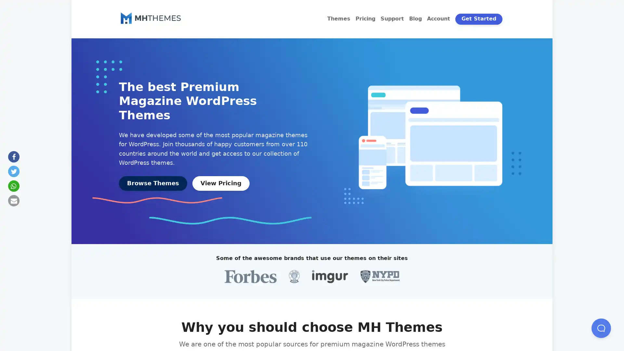 Image resolution: width=624 pixels, height=351 pixels. Describe the element at coordinates (14, 171) in the screenshot. I see `Share on Twitter` at that location.